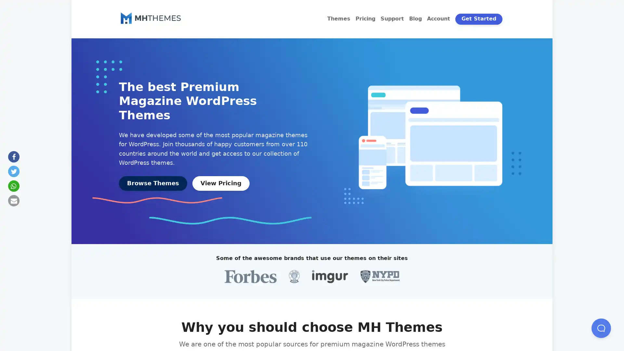 Image resolution: width=624 pixels, height=351 pixels. Describe the element at coordinates (14, 171) in the screenshot. I see `Share on Twitter` at that location.